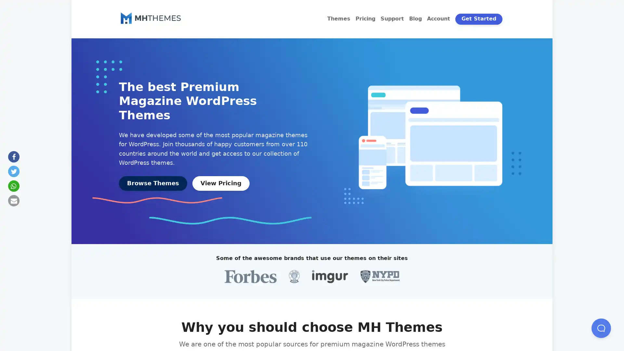 Image resolution: width=624 pixels, height=351 pixels. Describe the element at coordinates (14, 171) in the screenshot. I see `Share on Twitter` at that location.